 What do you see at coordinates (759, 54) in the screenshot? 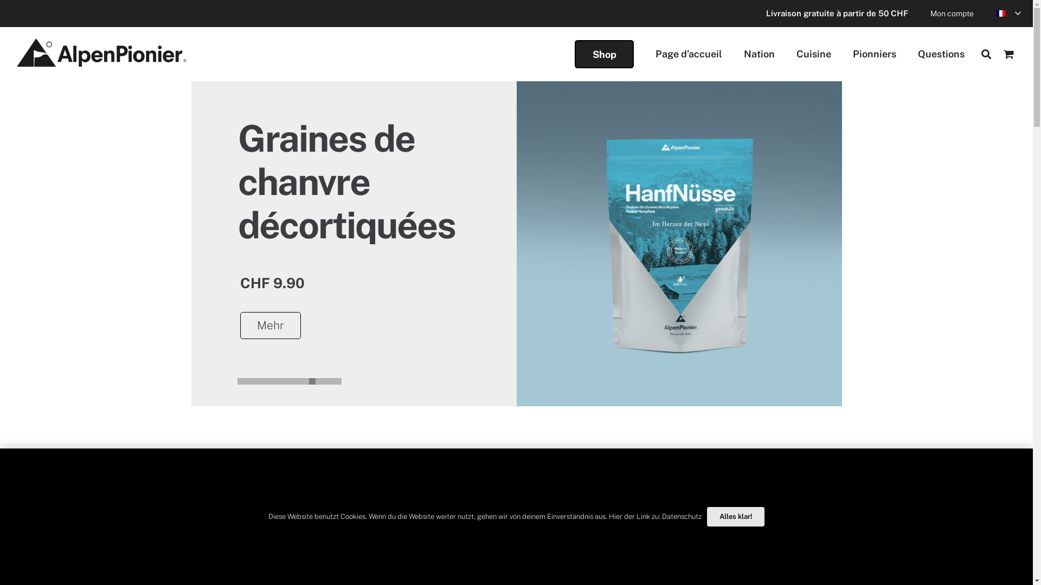
I see `'Nation'` at bounding box center [759, 54].